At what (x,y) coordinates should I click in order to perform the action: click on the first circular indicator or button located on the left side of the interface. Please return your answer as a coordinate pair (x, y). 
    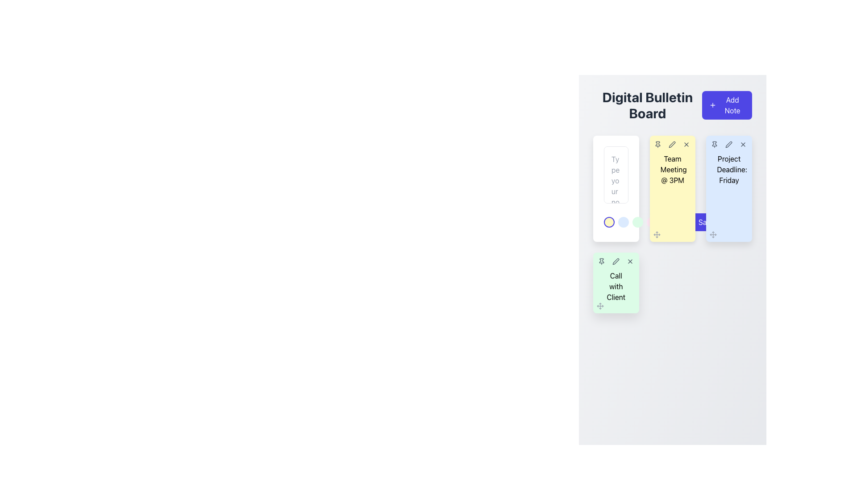
    Looking at the image, I should click on (608, 221).